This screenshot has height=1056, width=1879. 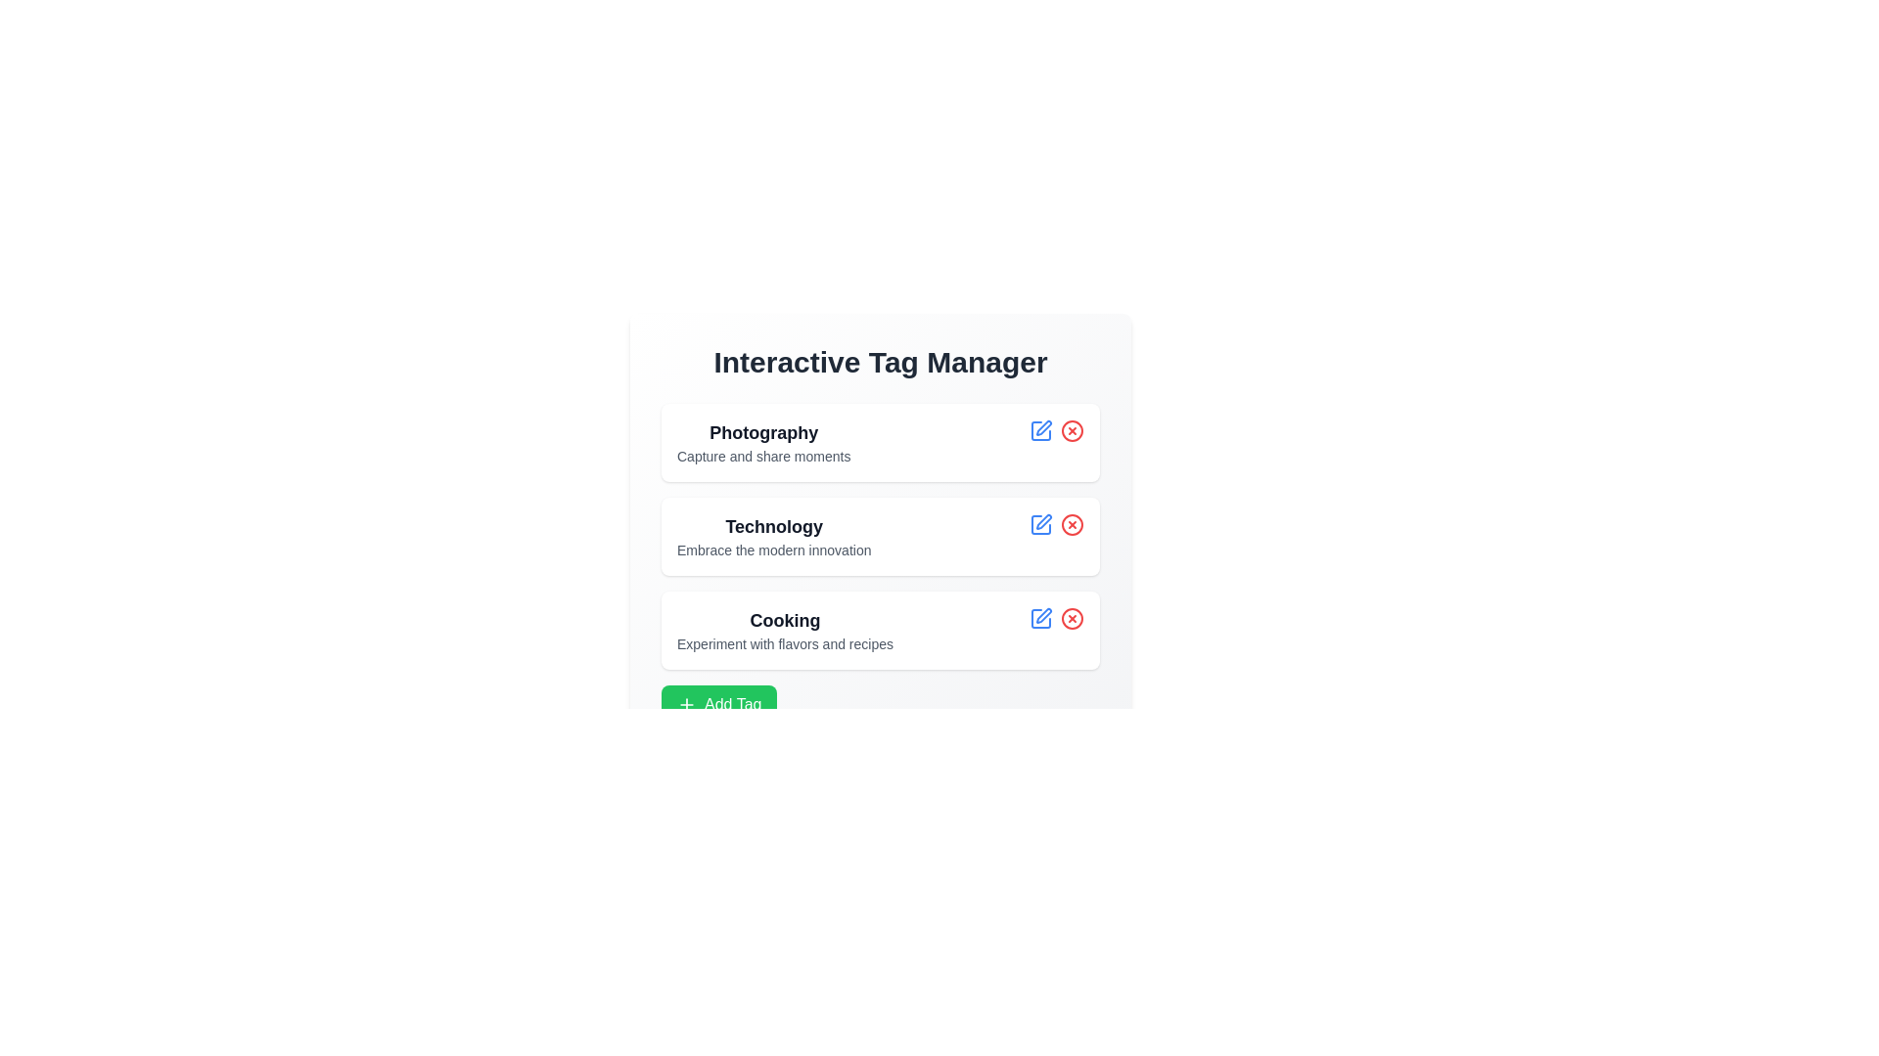 I want to click on the edit and delete icons within the composite UI component labeled 'Photography', so click(x=880, y=442).